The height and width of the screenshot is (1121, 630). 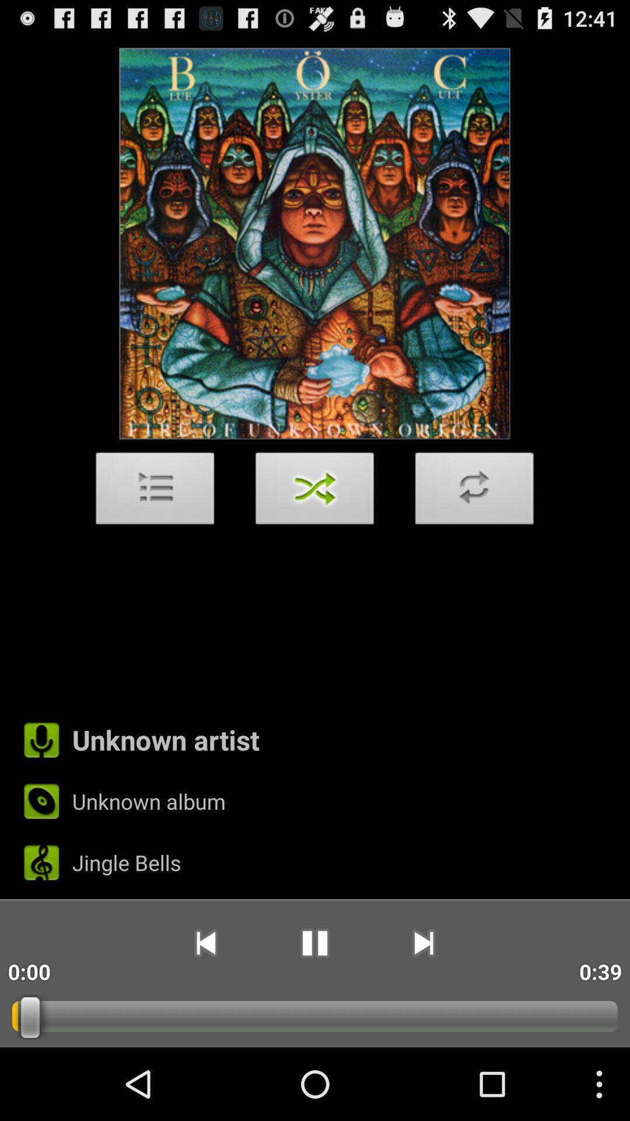 What do you see at coordinates (315, 525) in the screenshot?
I see `the close icon` at bounding box center [315, 525].